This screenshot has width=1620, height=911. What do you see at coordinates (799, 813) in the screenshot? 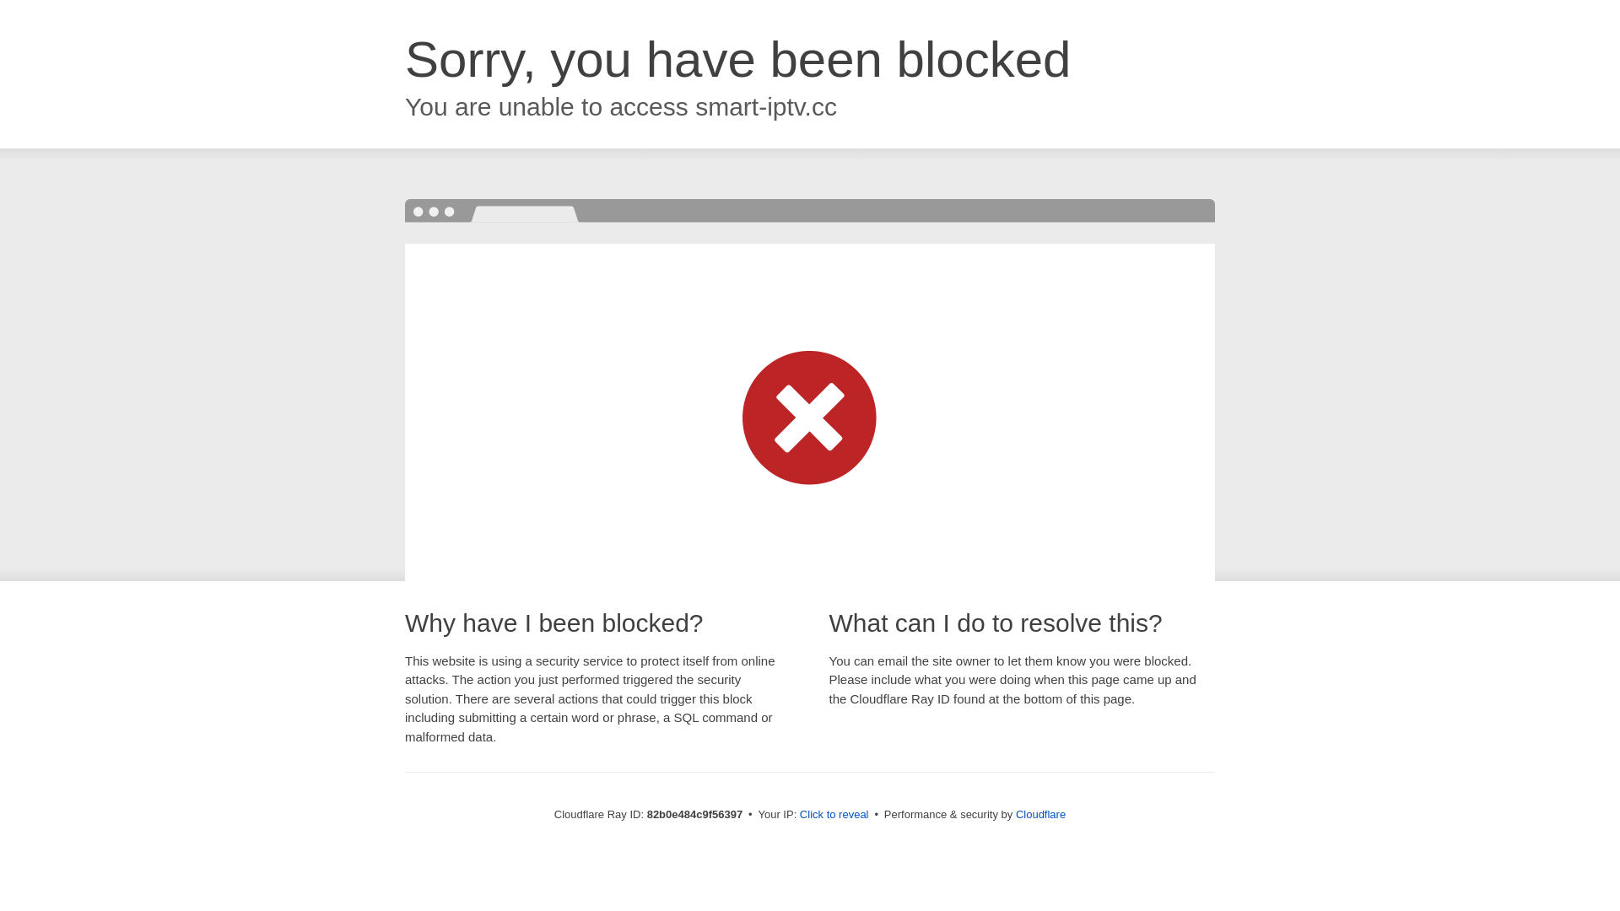
I see `'Click to reveal'` at bounding box center [799, 813].